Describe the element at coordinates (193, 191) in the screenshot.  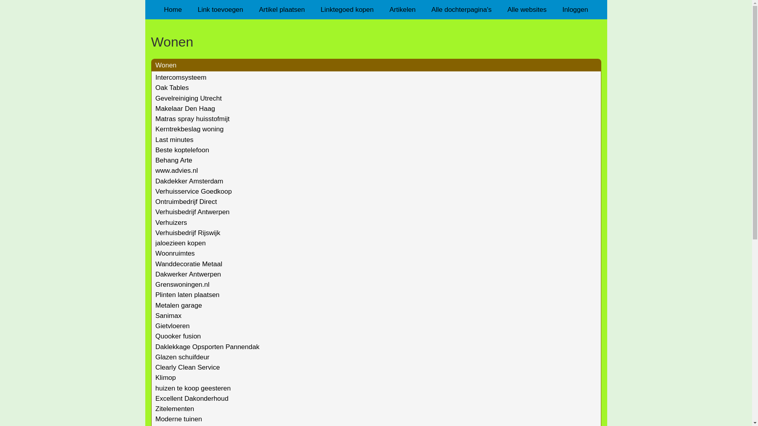
I see `'Verhuisservice Goedkoop'` at that location.